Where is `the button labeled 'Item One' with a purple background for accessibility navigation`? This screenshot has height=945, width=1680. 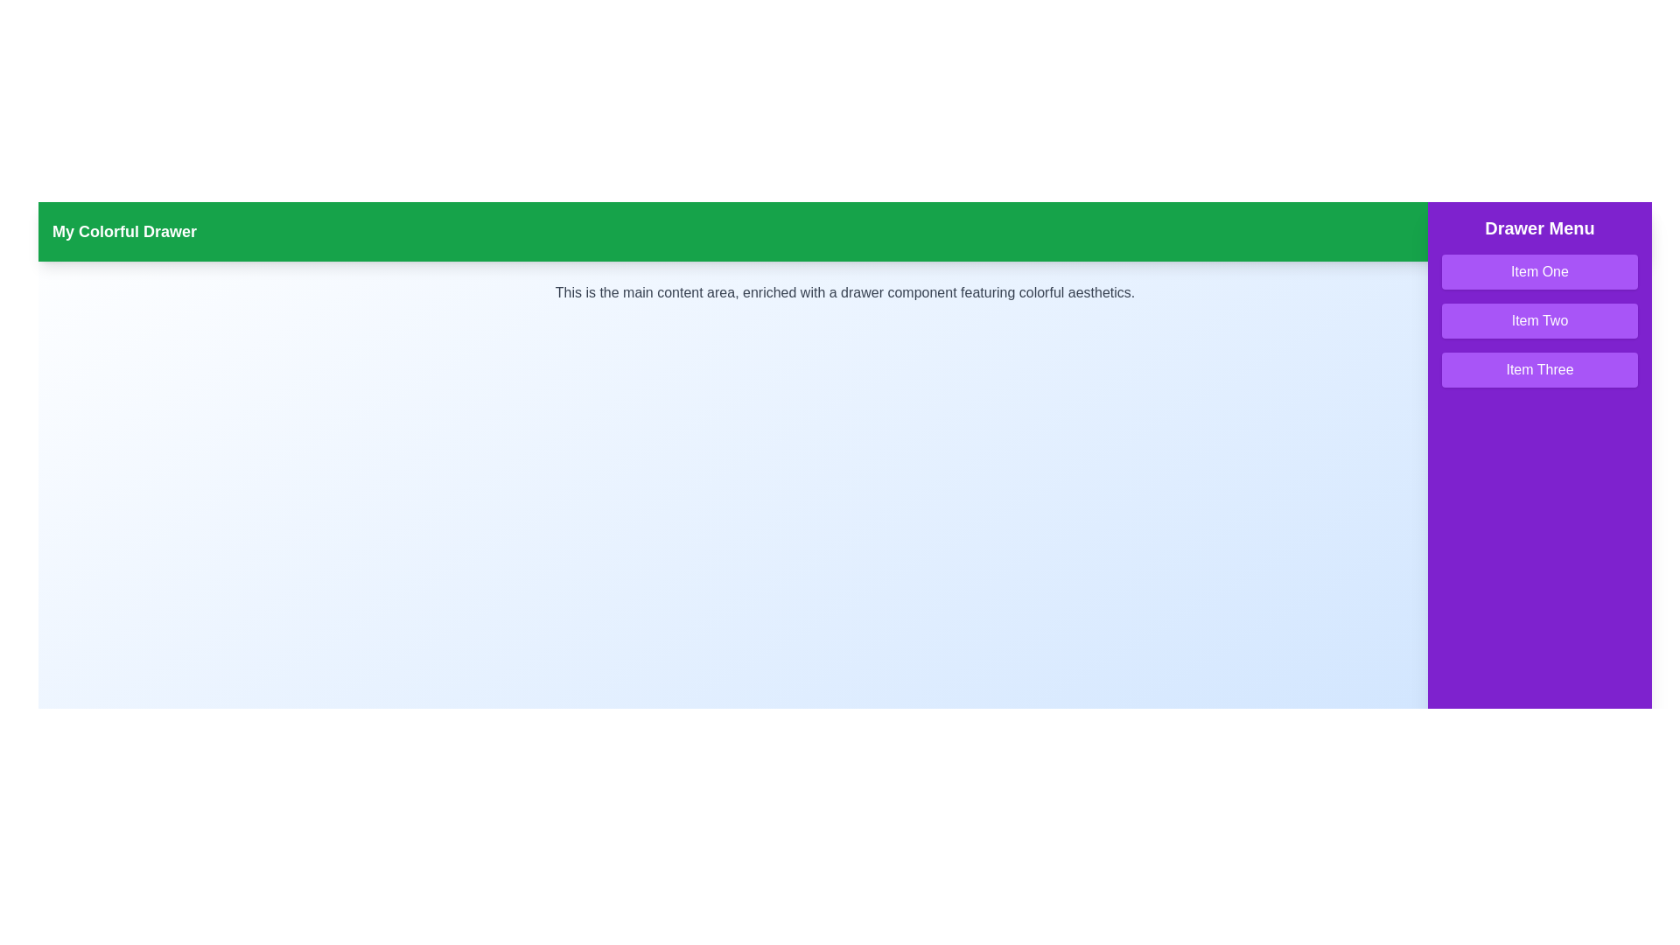
the button labeled 'Item One' with a purple background for accessibility navigation is located at coordinates (1540, 272).